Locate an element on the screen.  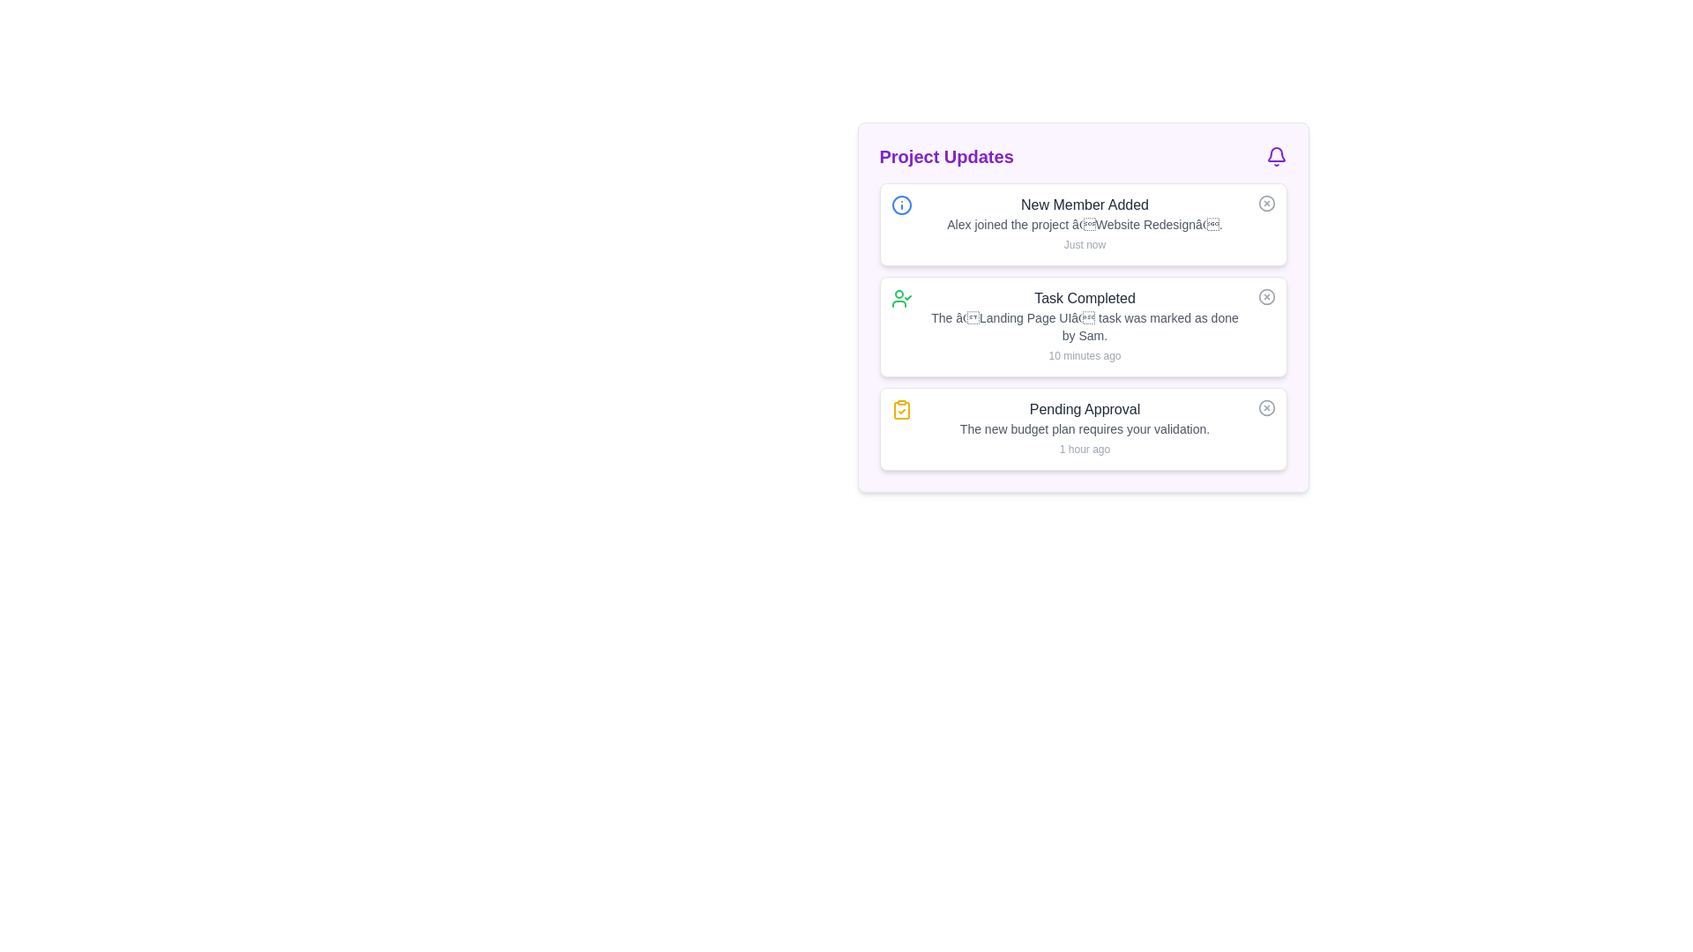
the descriptive text 'The new budget plan requires your validation.' located beneath the heading 'Pending Approval' in the 'Project Updates' section for possible tooltips is located at coordinates (1084, 428).